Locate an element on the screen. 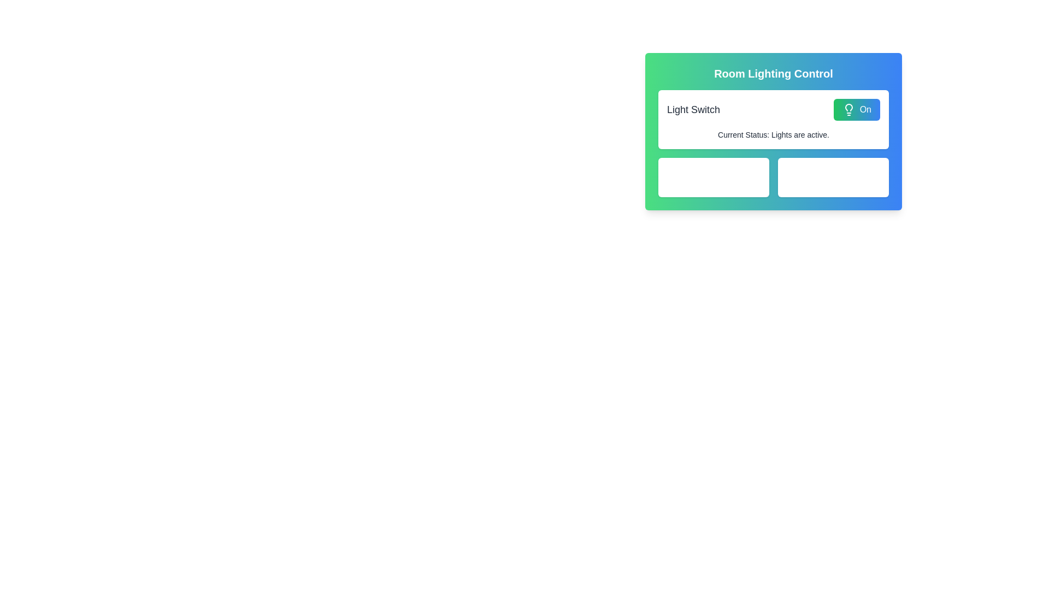  contents displayed in the Informative Display Group for the Living Room and Bedroom lighting conditions, which is located within the 'Room Lighting Control' section below the 'Light Switch' status is located at coordinates (773, 176).